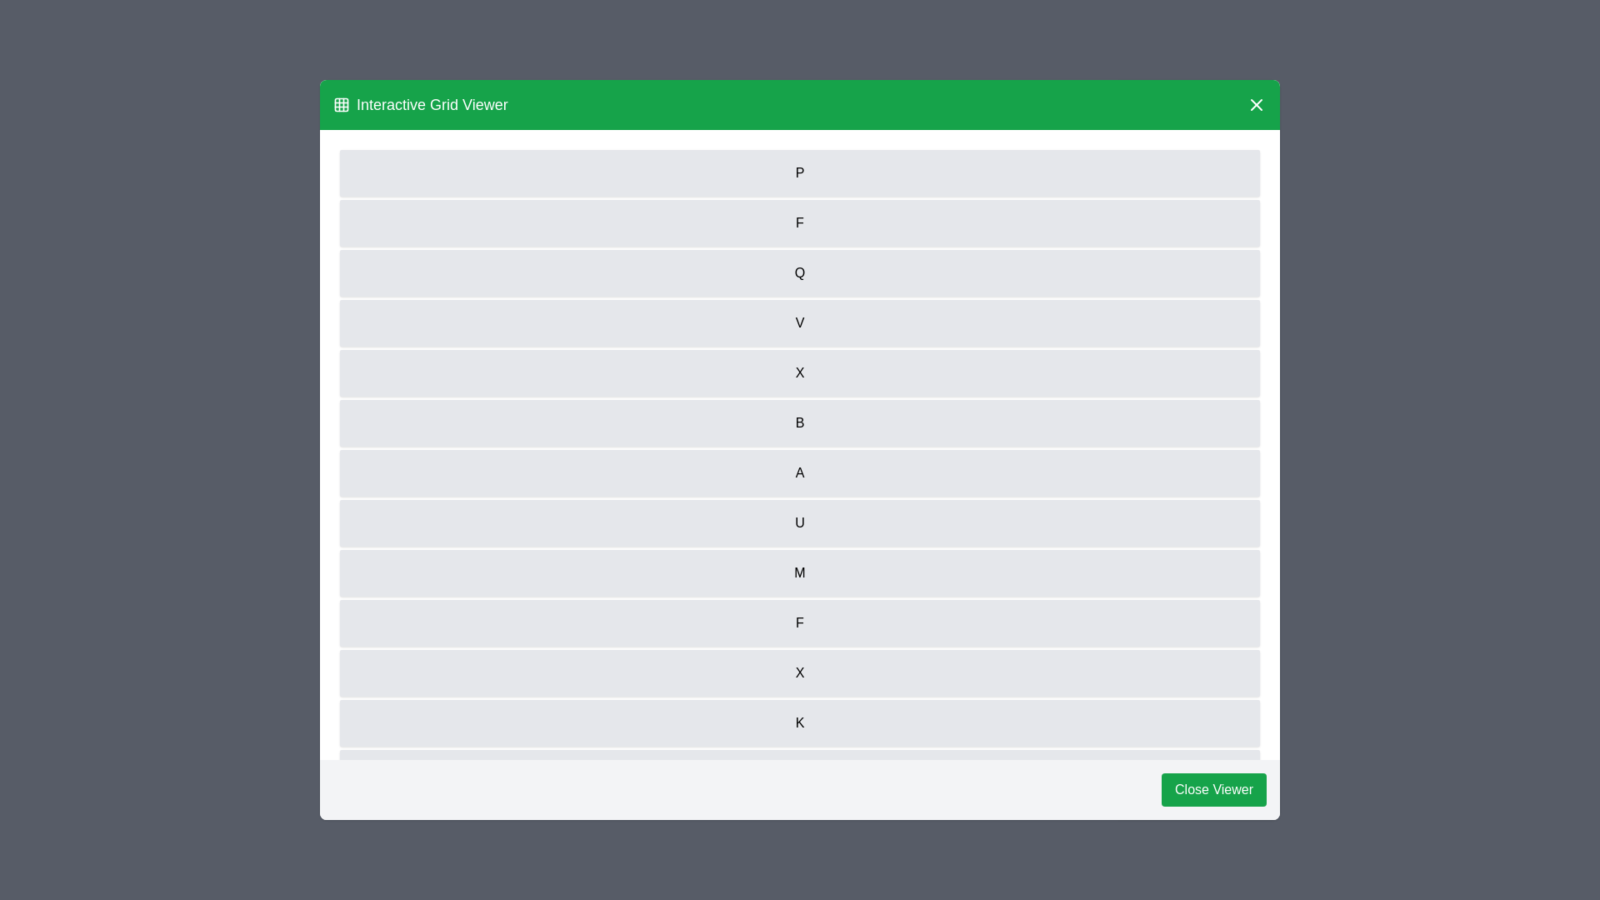  What do you see at coordinates (1256, 105) in the screenshot?
I see `the close button in the top-right corner of the dialog` at bounding box center [1256, 105].